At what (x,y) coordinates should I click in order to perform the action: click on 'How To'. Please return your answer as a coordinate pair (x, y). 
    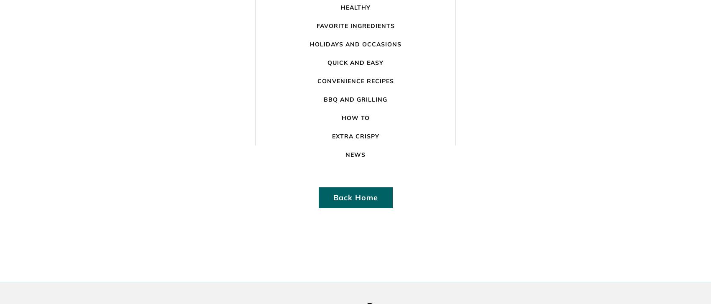
    Looking at the image, I should click on (355, 118).